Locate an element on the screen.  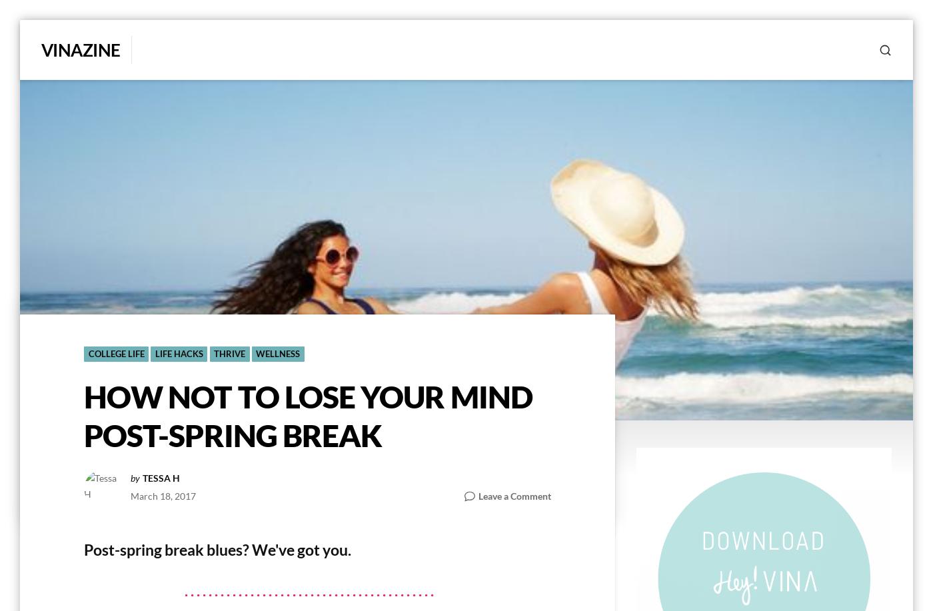
'Wellness' is located at coordinates (256, 354).